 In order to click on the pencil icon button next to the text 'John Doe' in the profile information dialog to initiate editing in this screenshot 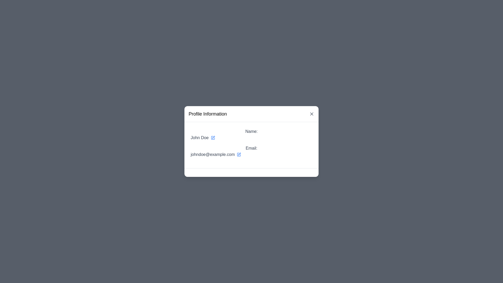, I will do `click(213, 137)`.